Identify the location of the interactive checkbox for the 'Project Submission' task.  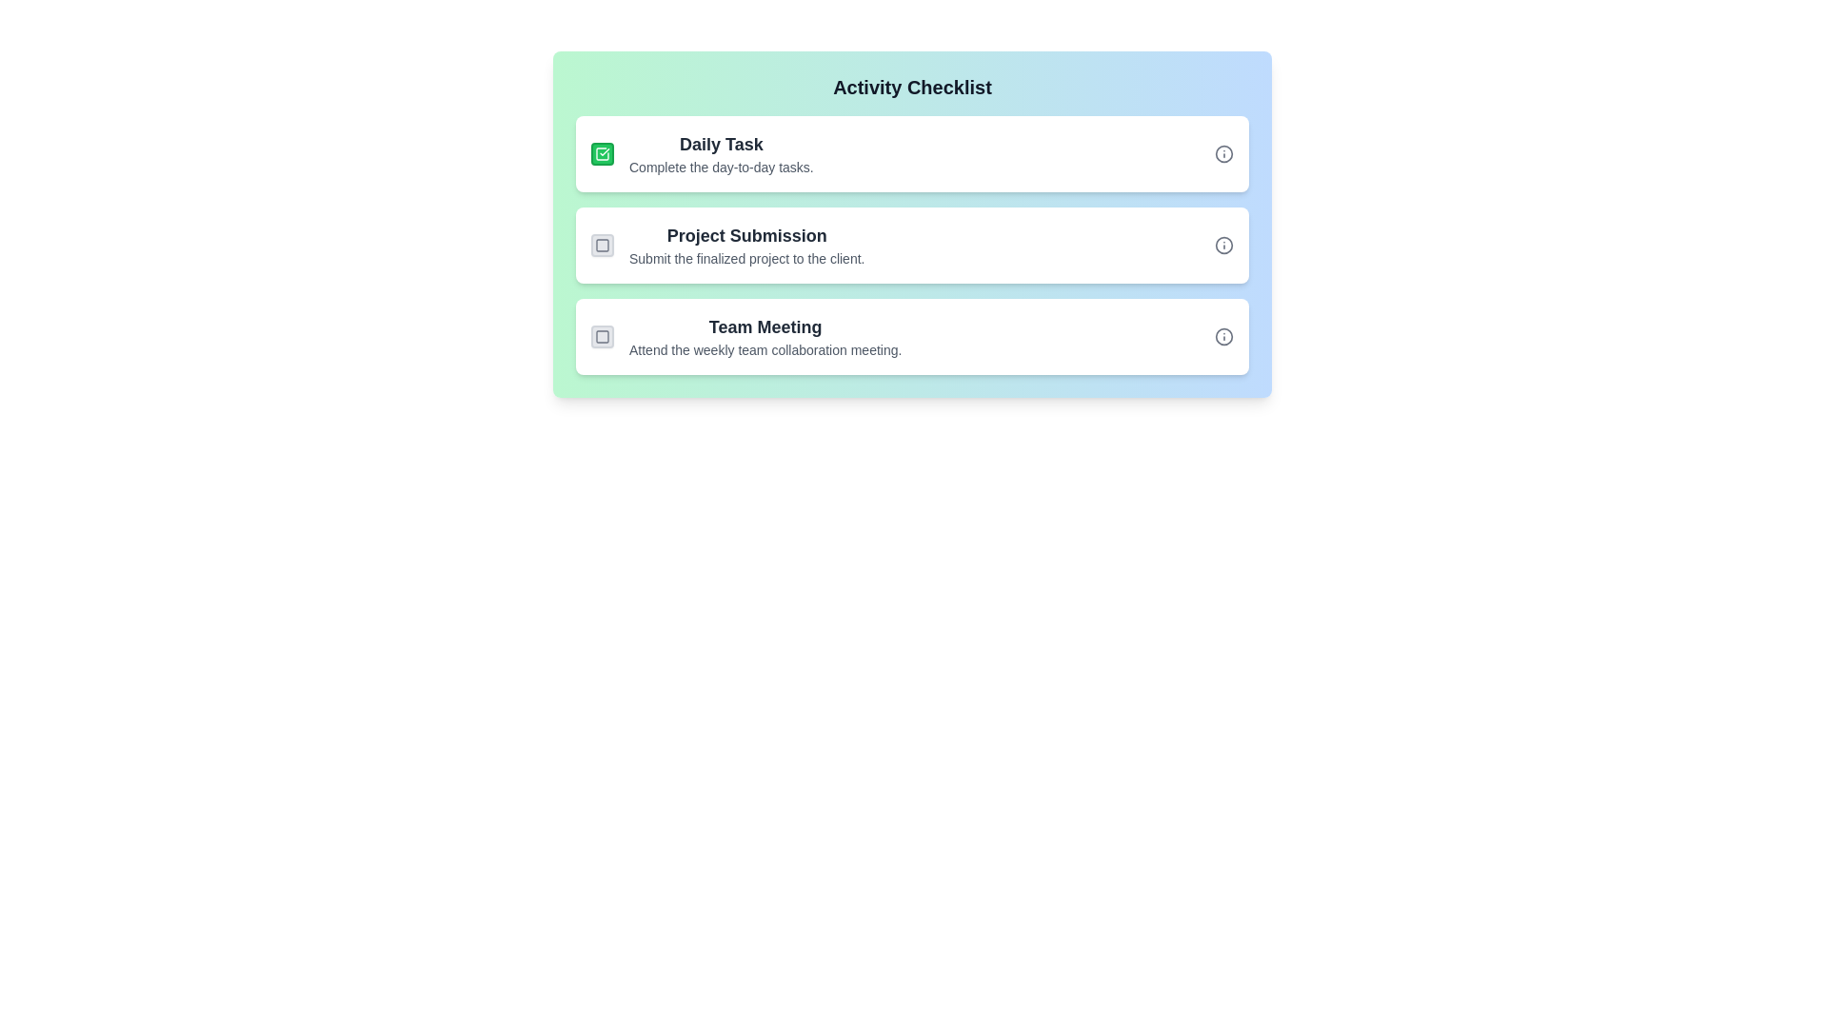
(602, 245).